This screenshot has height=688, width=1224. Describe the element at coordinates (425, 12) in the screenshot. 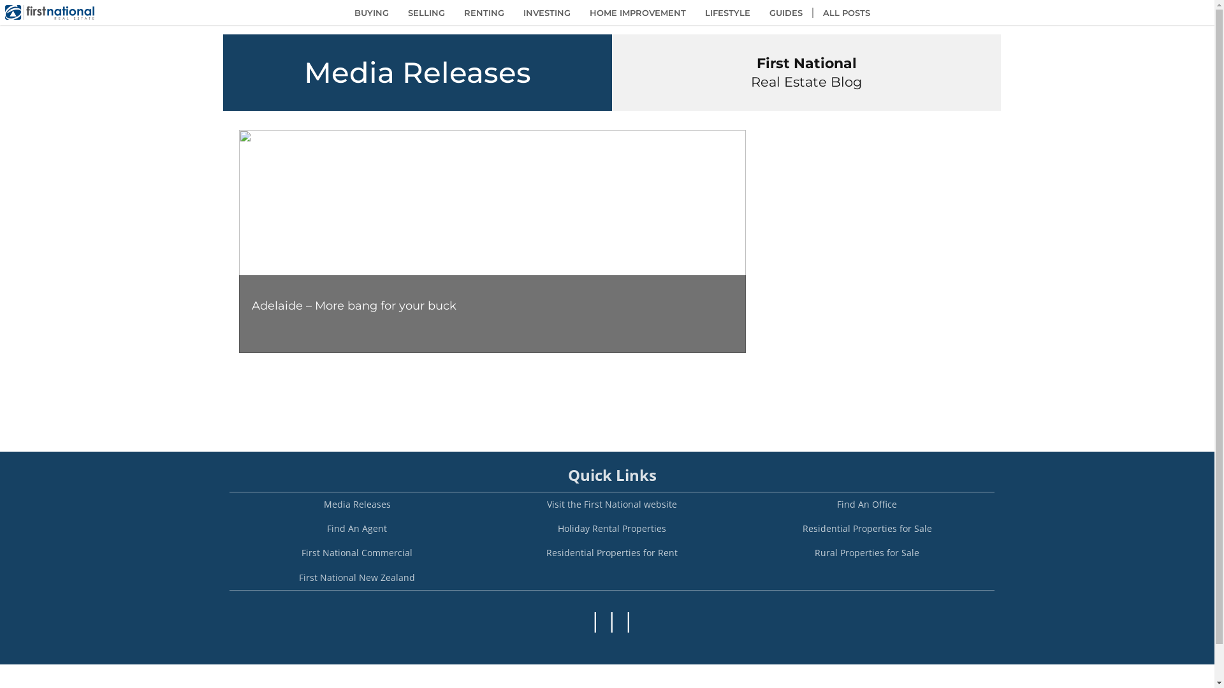

I see `'SELLING'` at that location.